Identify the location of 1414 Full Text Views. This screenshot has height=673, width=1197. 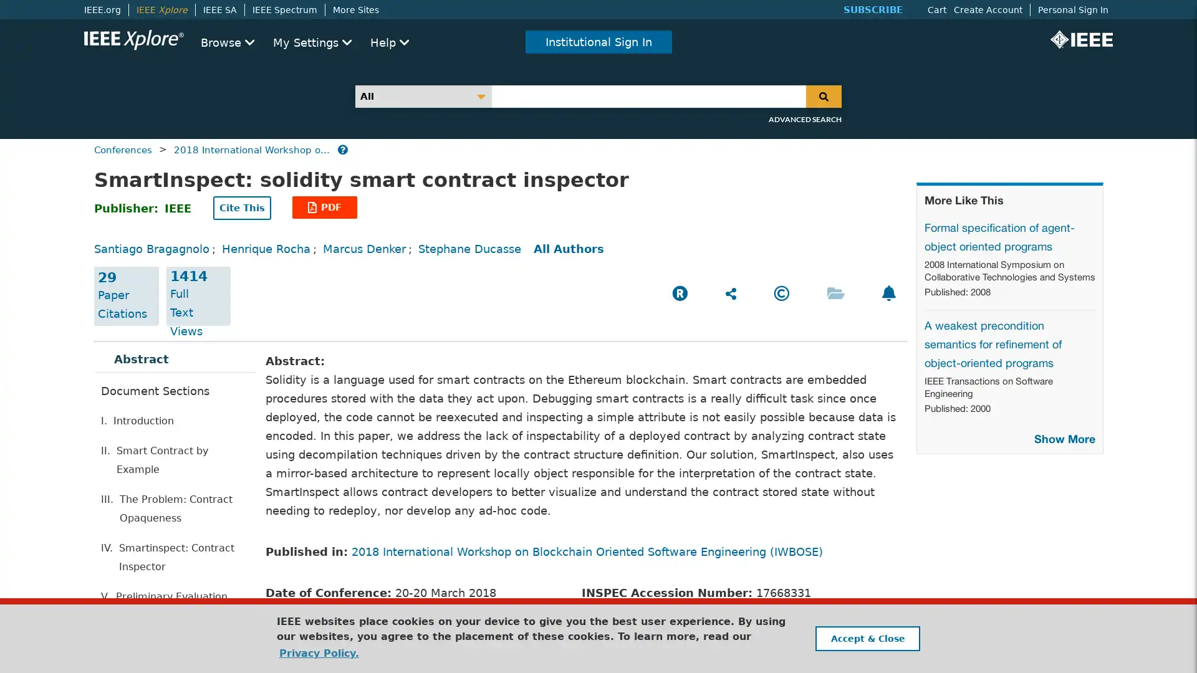
(197, 296).